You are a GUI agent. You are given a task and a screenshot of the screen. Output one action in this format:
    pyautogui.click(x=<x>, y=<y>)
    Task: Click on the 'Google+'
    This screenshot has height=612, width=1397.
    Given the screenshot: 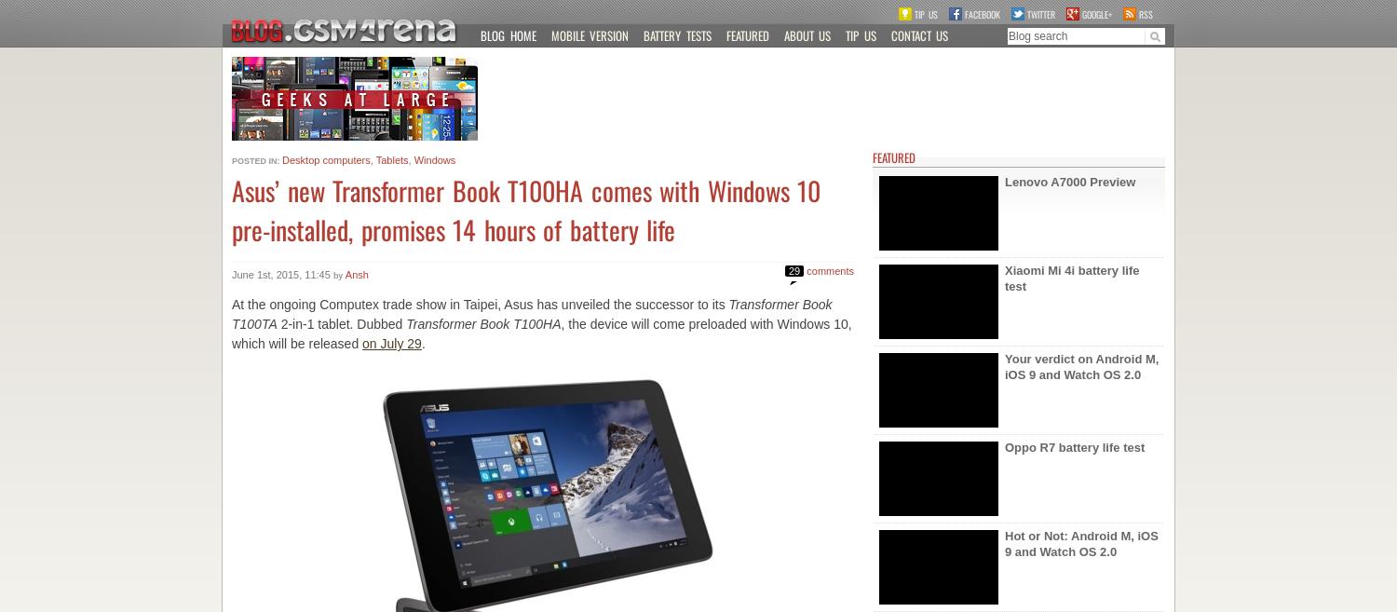 What is the action you would take?
    pyautogui.click(x=1096, y=13)
    